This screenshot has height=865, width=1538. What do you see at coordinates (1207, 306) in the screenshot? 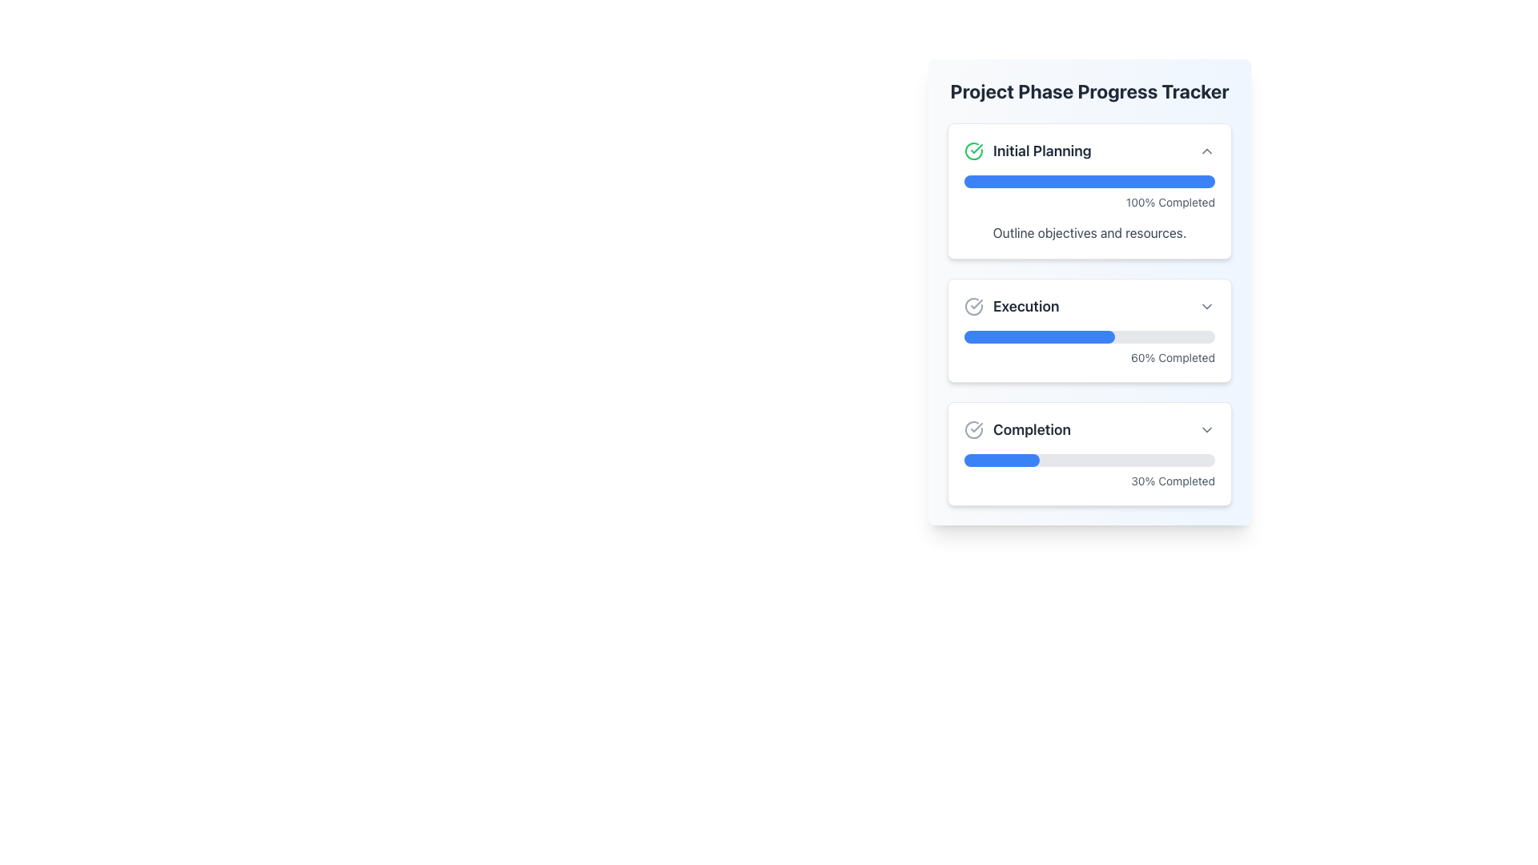
I see `the toggle button located to the far right of the 'Execution' section` at bounding box center [1207, 306].